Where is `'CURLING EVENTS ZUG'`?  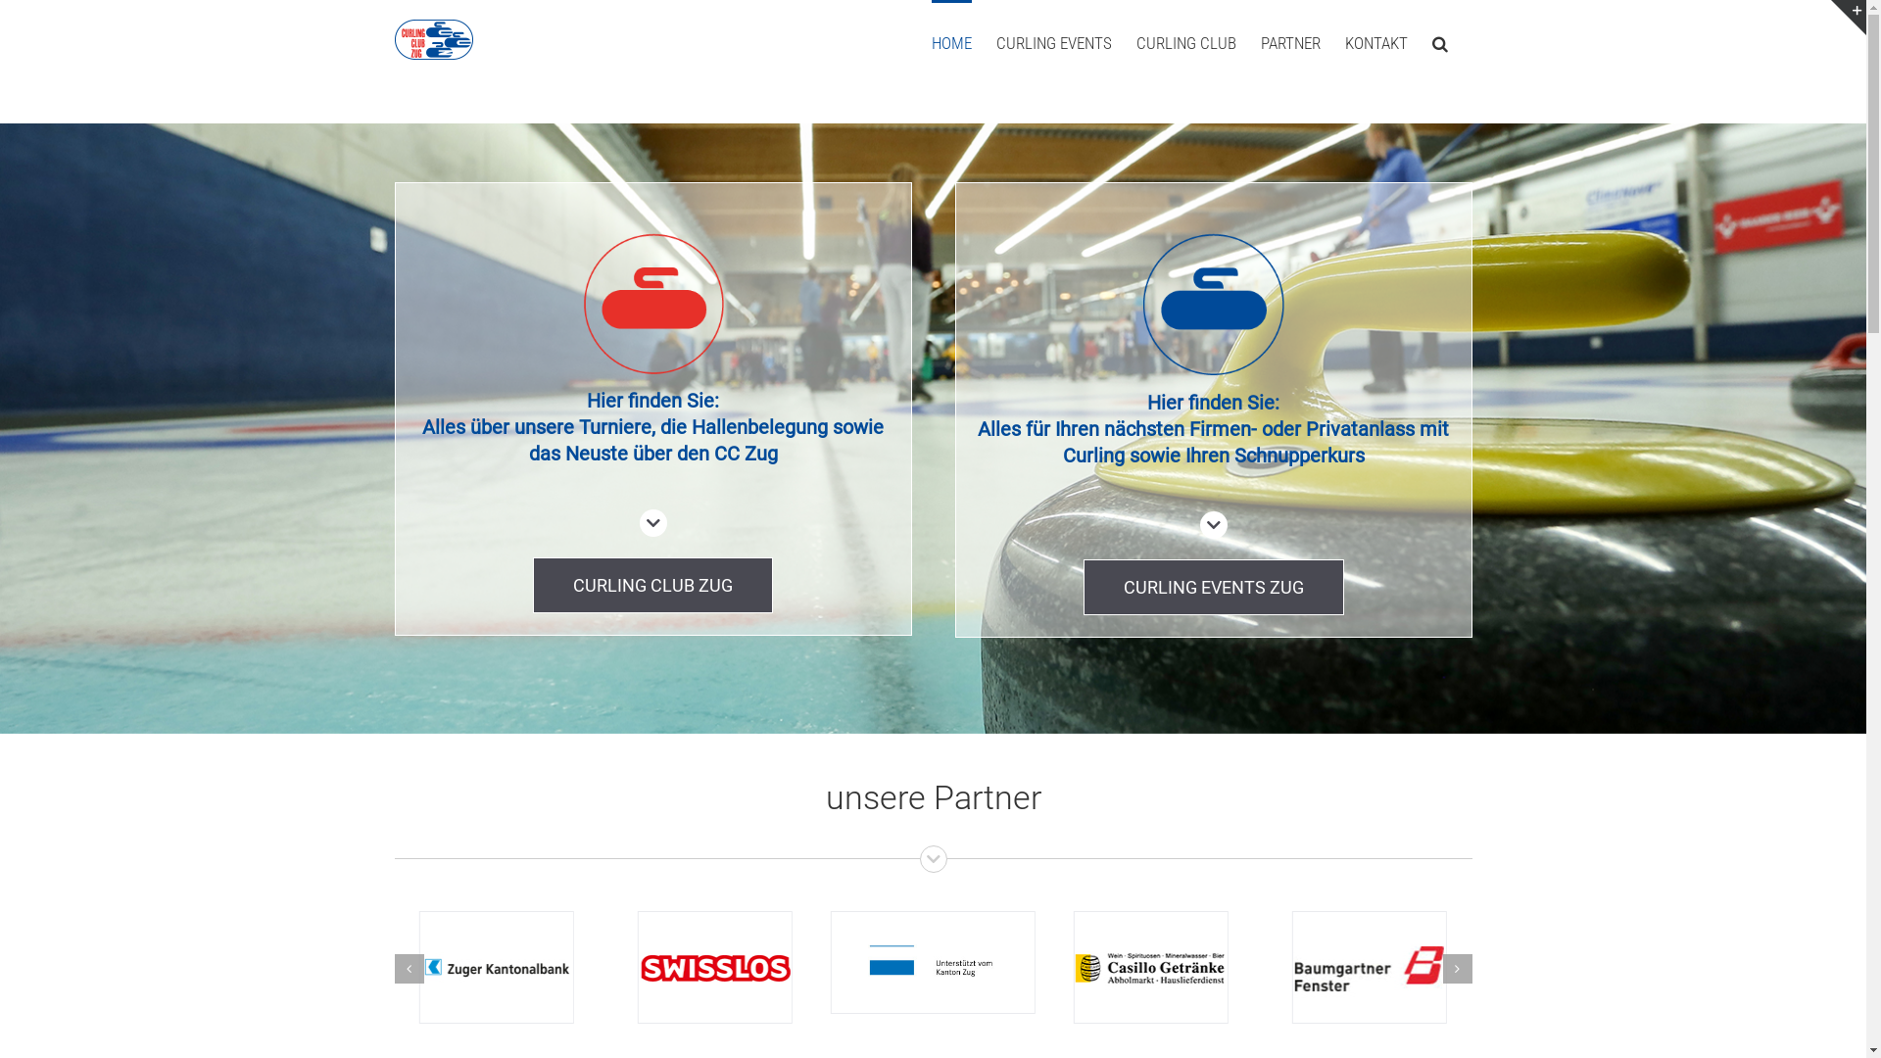 'CURLING EVENTS ZUG' is located at coordinates (1082, 586).